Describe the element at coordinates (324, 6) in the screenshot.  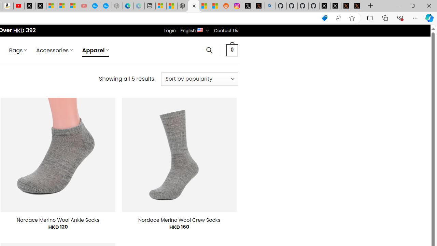
I see `'Profile / X'` at that location.